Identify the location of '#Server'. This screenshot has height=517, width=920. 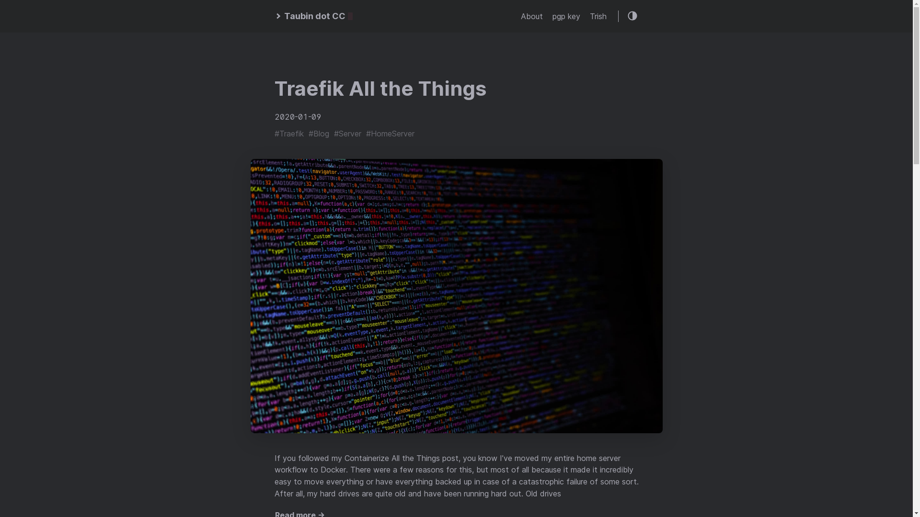
(346, 133).